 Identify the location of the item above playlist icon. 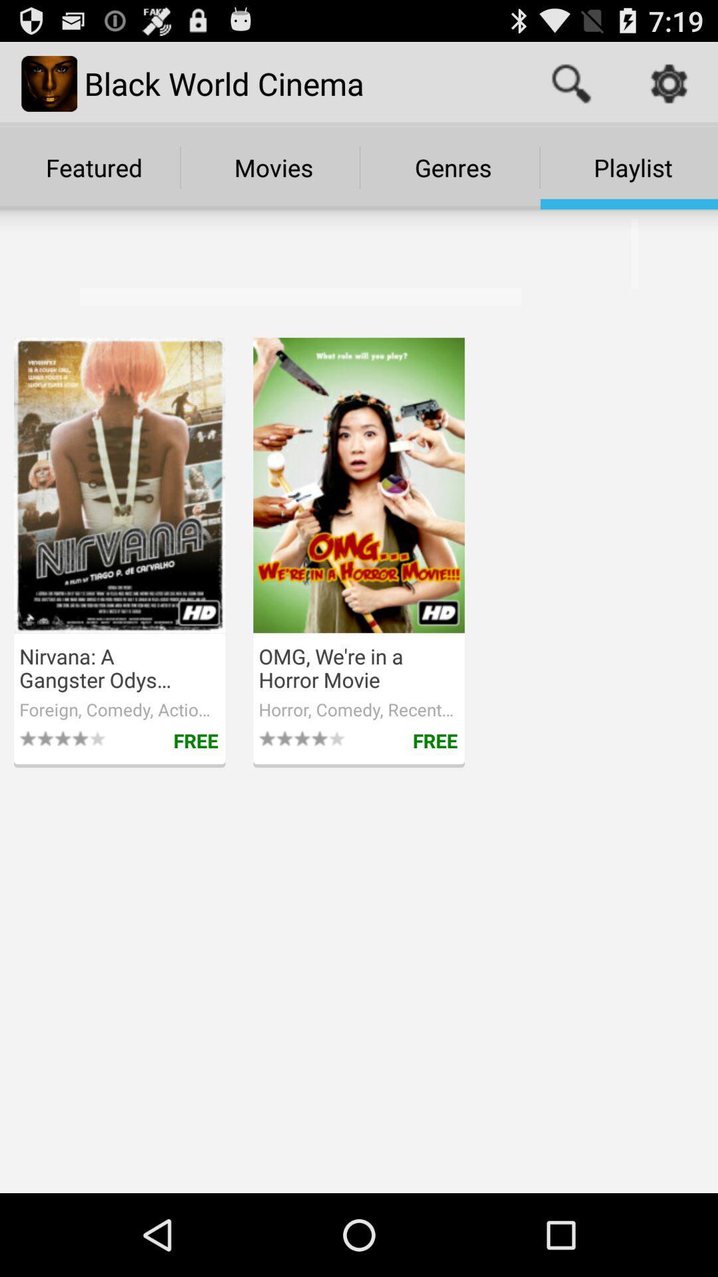
(669, 82).